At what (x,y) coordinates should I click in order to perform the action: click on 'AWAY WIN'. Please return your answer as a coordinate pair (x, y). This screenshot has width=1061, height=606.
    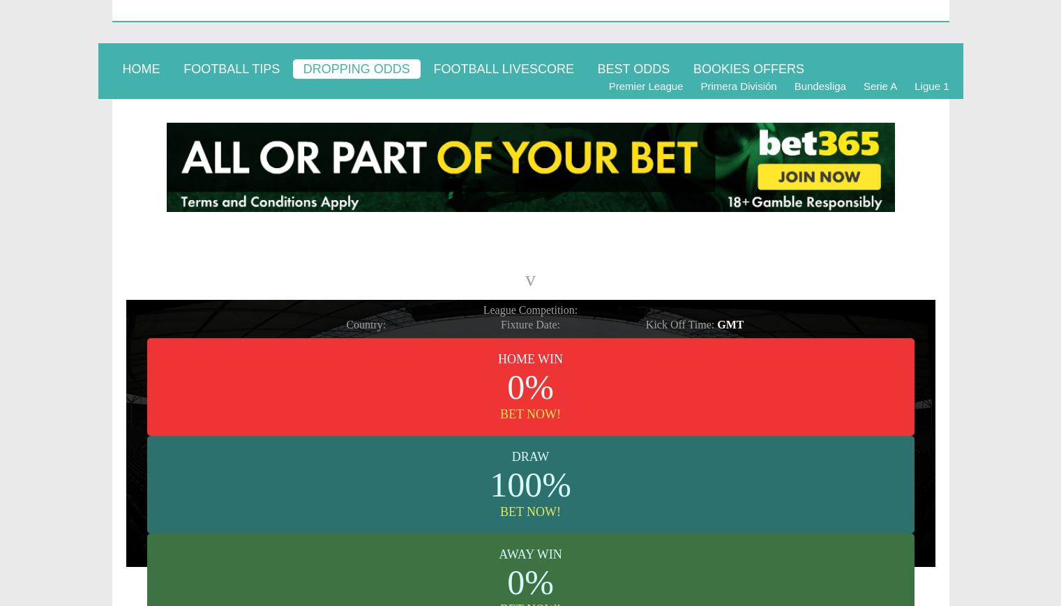
    Looking at the image, I should click on (529, 554).